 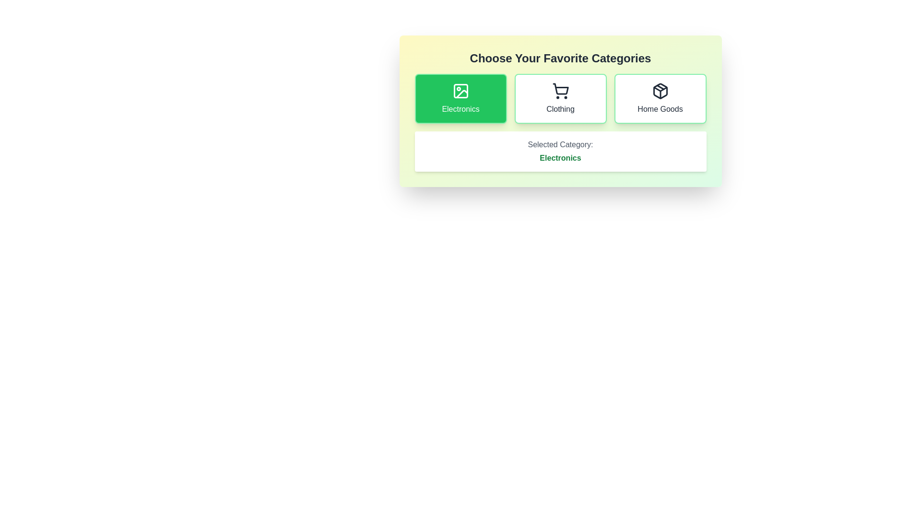 I want to click on the category button corresponding to Home Goods, so click(x=660, y=98).